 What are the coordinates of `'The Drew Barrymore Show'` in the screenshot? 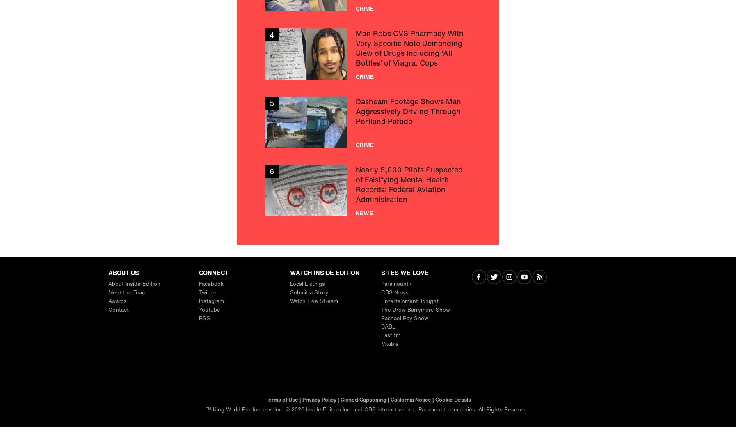 It's located at (414, 309).